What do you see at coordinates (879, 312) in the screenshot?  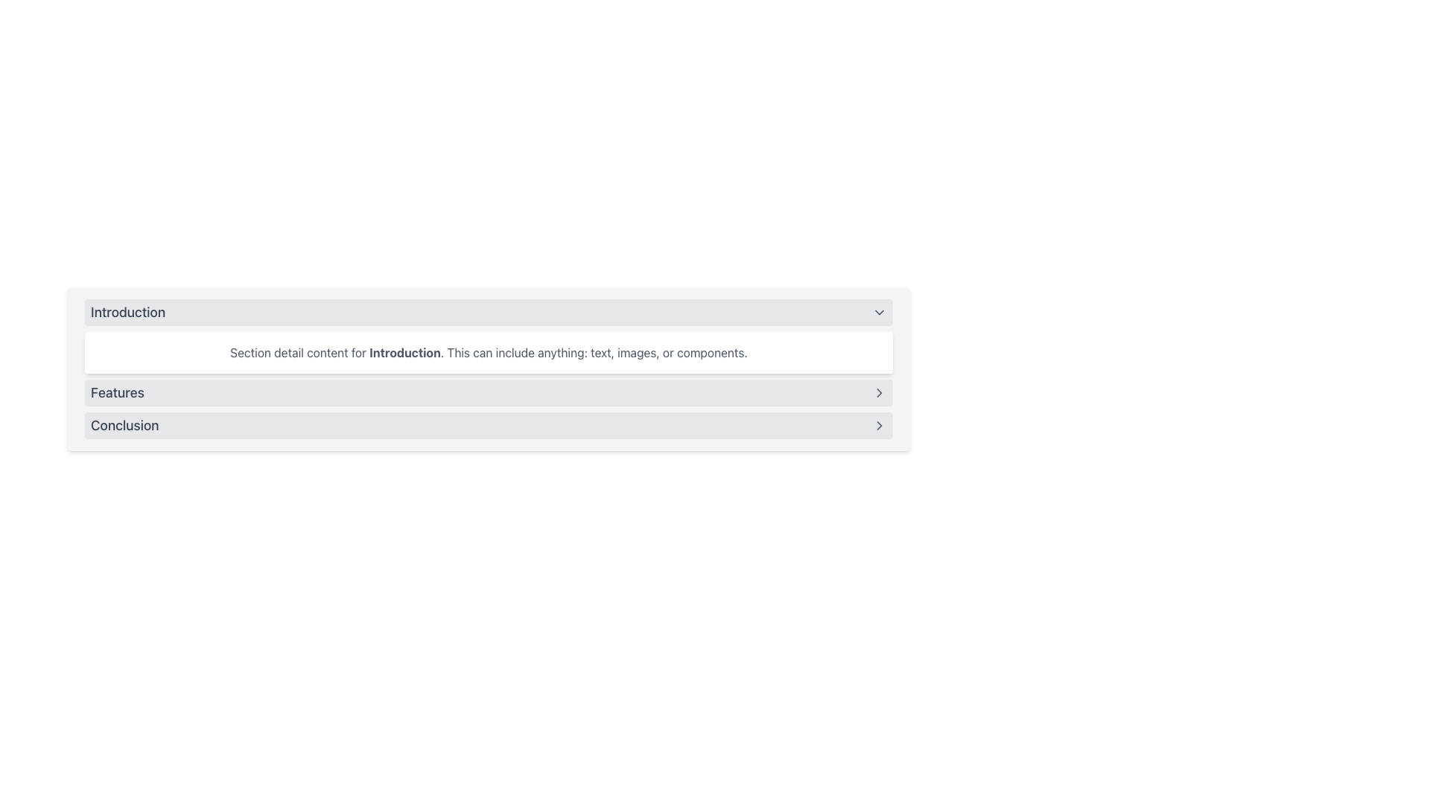 I see `the downward-pointing gray chevron icon located at the far right side of the 'Introduction' section header` at bounding box center [879, 312].